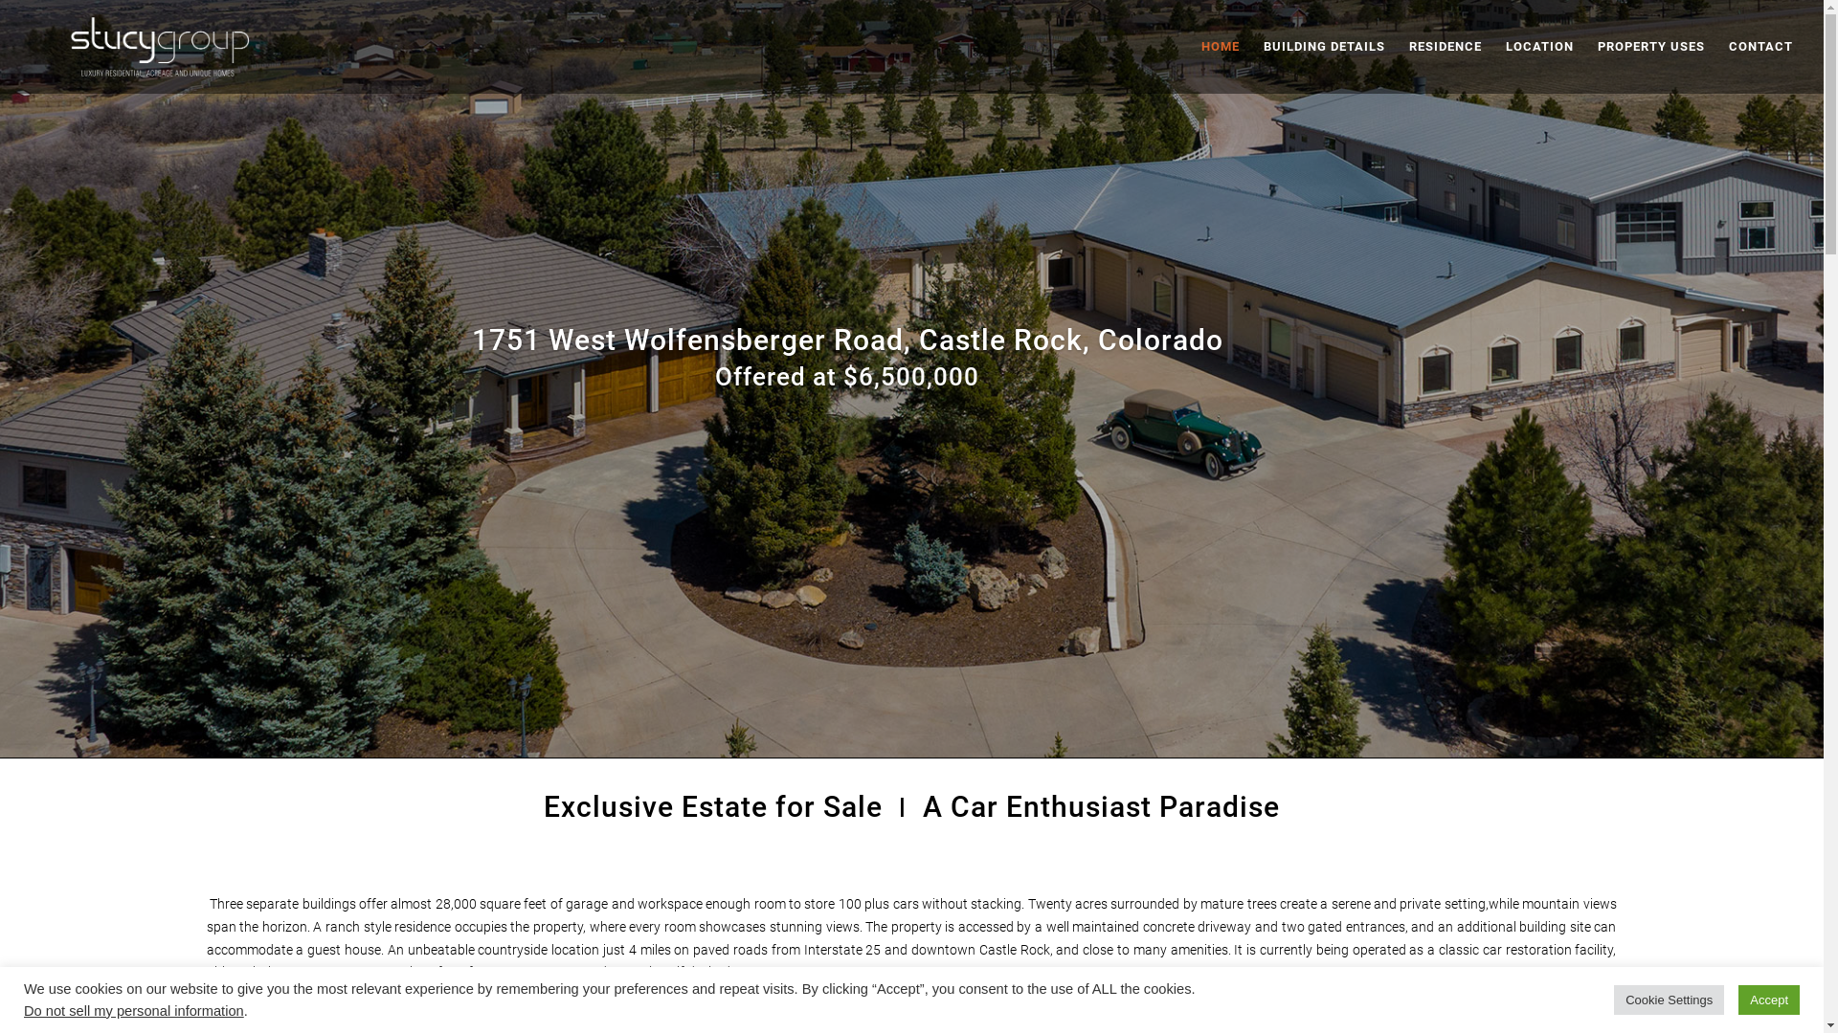 The width and height of the screenshot is (1838, 1033). What do you see at coordinates (1505, 65) in the screenshot?
I see `'LOCATION'` at bounding box center [1505, 65].